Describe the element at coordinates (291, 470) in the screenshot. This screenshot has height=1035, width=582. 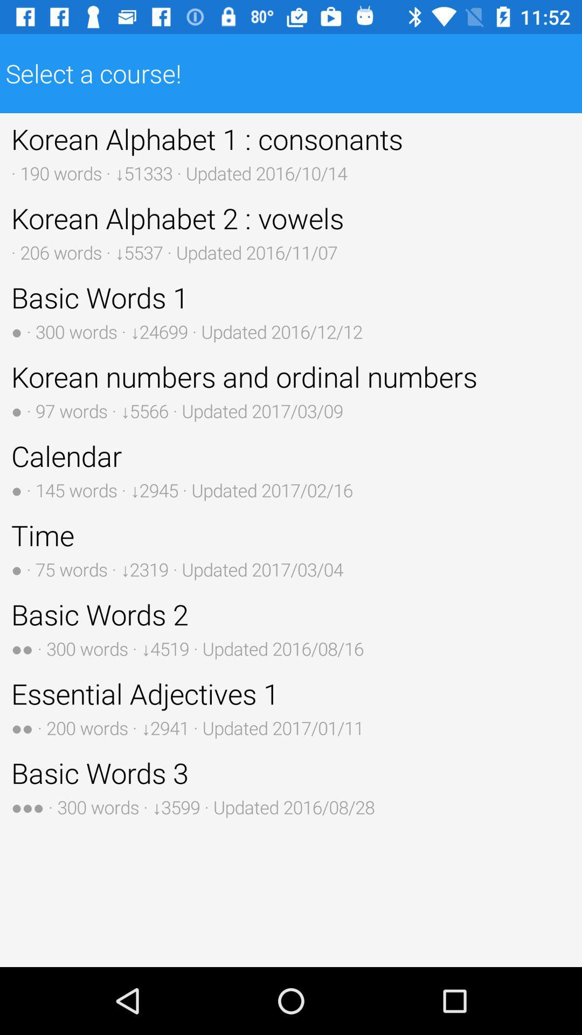
I see `calendar 145 words` at that location.